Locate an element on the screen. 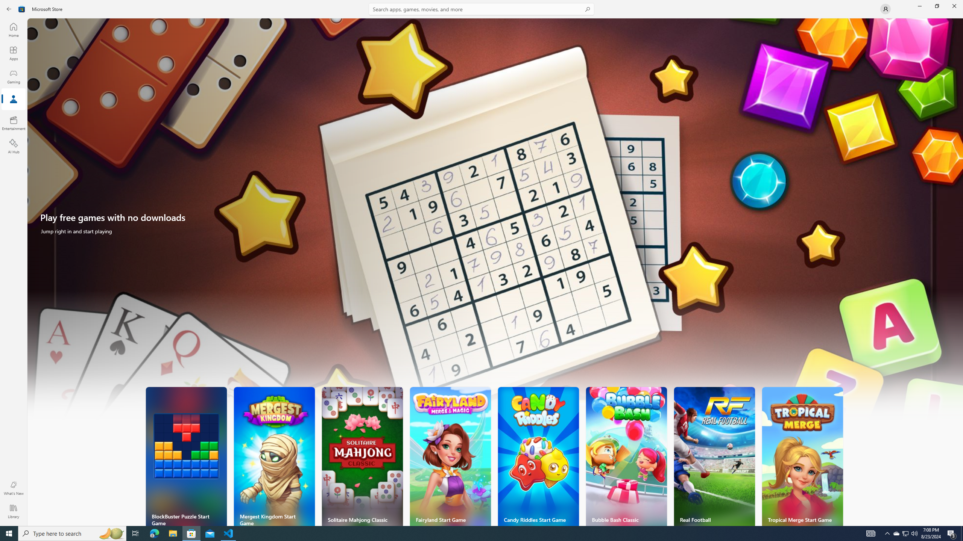 The width and height of the screenshot is (963, 541). 'Minimize Microsoft Store' is located at coordinates (919, 6).